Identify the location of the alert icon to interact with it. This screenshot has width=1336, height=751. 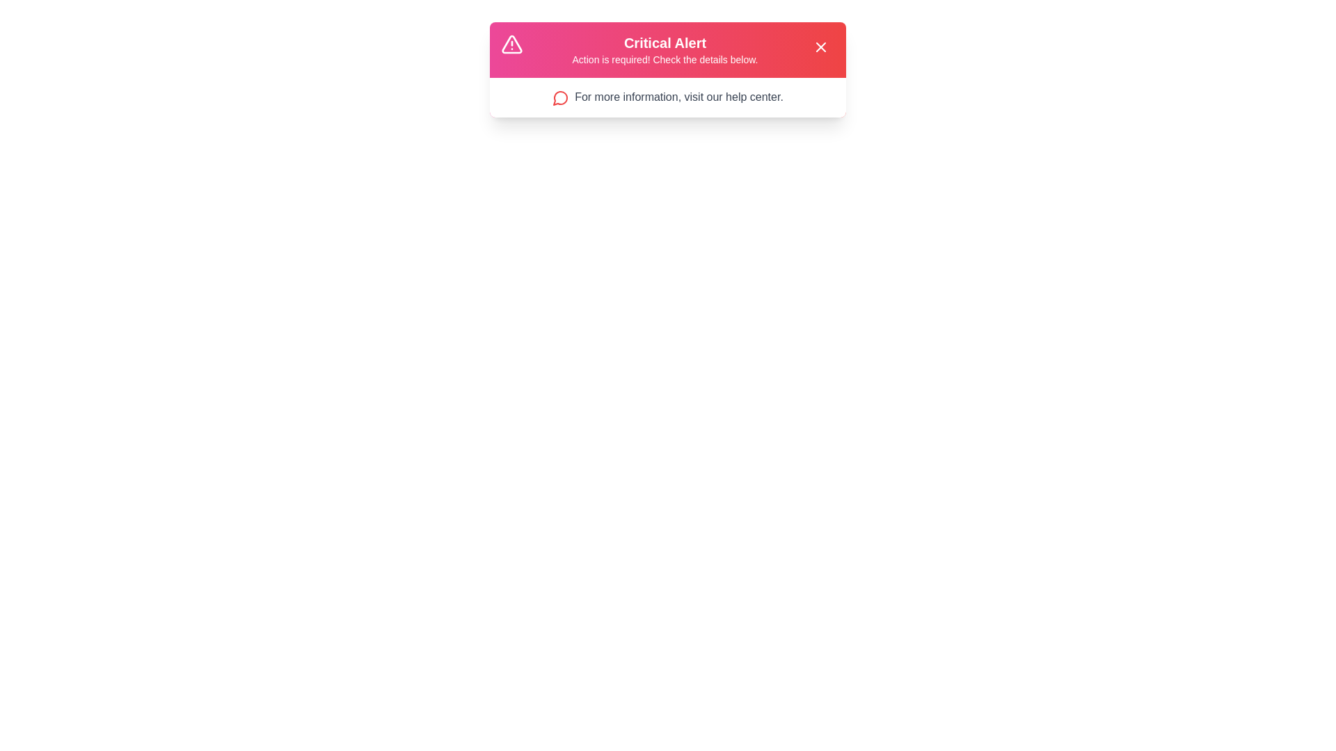
(511, 44).